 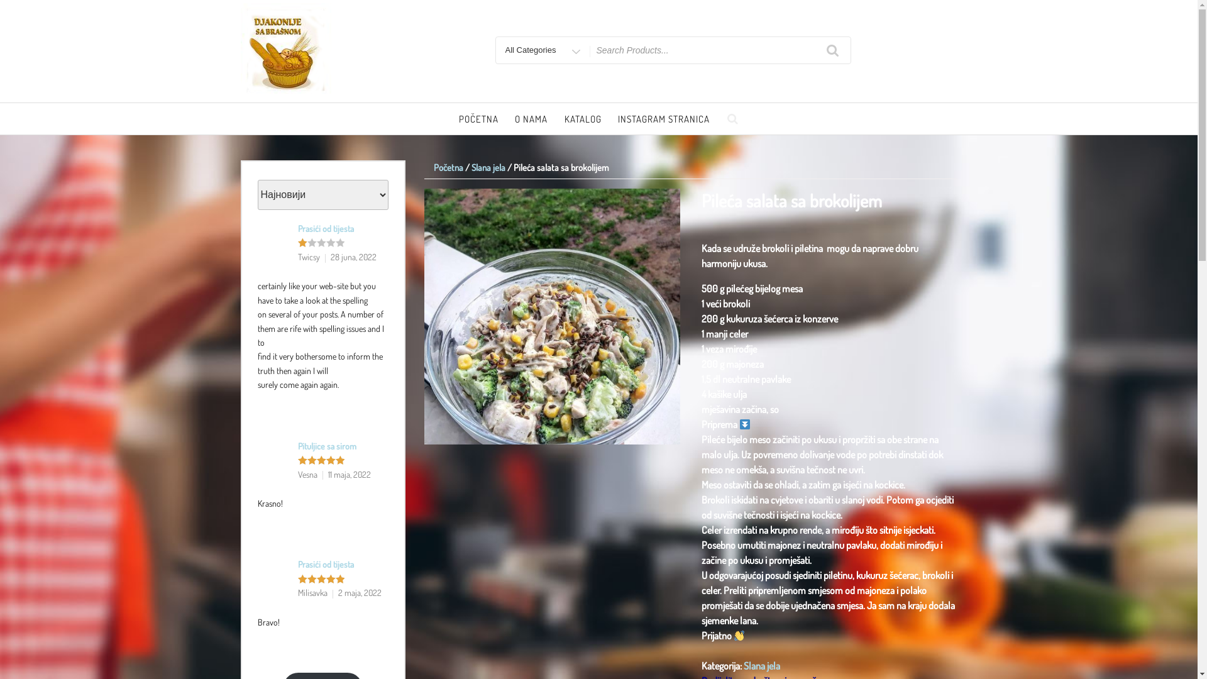 What do you see at coordinates (581, 119) in the screenshot?
I see `'KATALOG'` at bounding box center [581, 119].